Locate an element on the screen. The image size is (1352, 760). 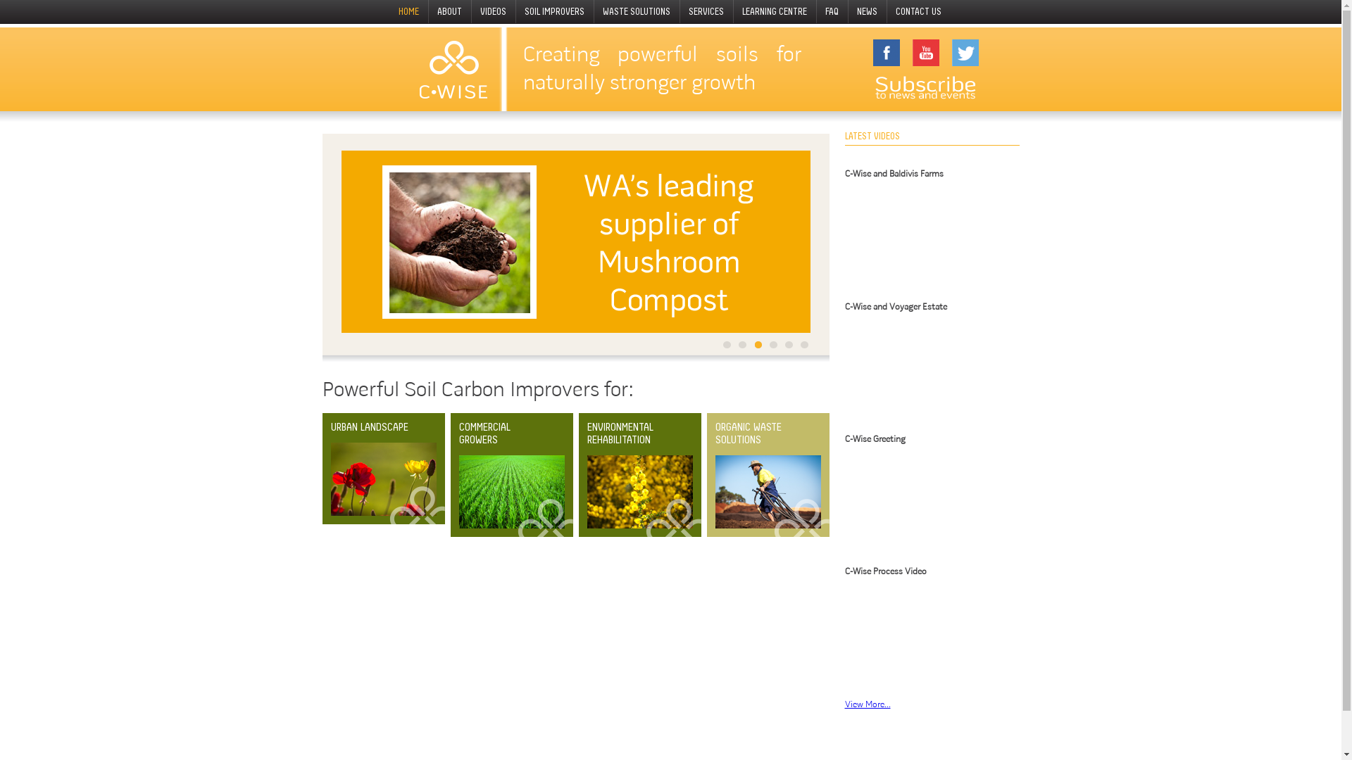
'Youtube' is located at coordinates (926, 51).